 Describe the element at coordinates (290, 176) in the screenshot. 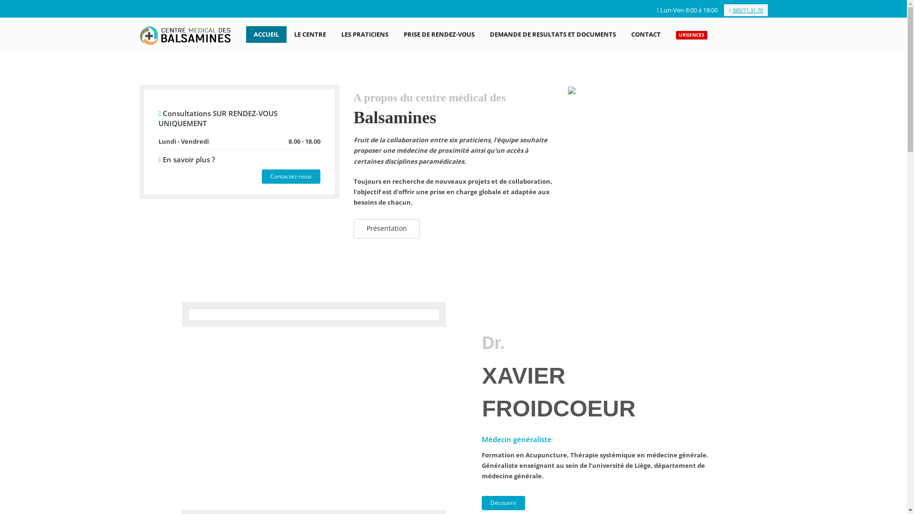

I see `'Contactez-nous'` at that location.